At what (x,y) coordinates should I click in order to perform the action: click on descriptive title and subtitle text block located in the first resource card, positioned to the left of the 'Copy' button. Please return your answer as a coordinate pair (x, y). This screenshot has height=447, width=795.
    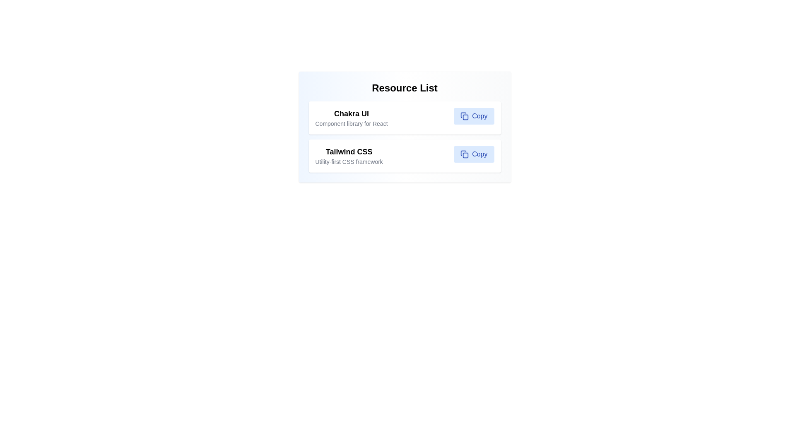
    Looking at the image, I should click on (352, 118).